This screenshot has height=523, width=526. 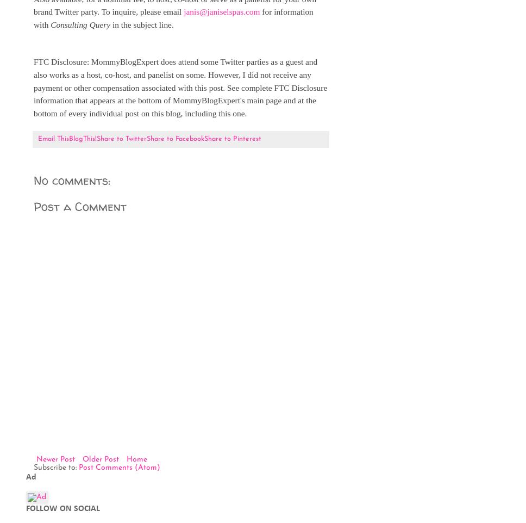 What do you see at coordinates (53, 139) in the screenshot?
I see `'Email This'` at bounding box center [53, 139].